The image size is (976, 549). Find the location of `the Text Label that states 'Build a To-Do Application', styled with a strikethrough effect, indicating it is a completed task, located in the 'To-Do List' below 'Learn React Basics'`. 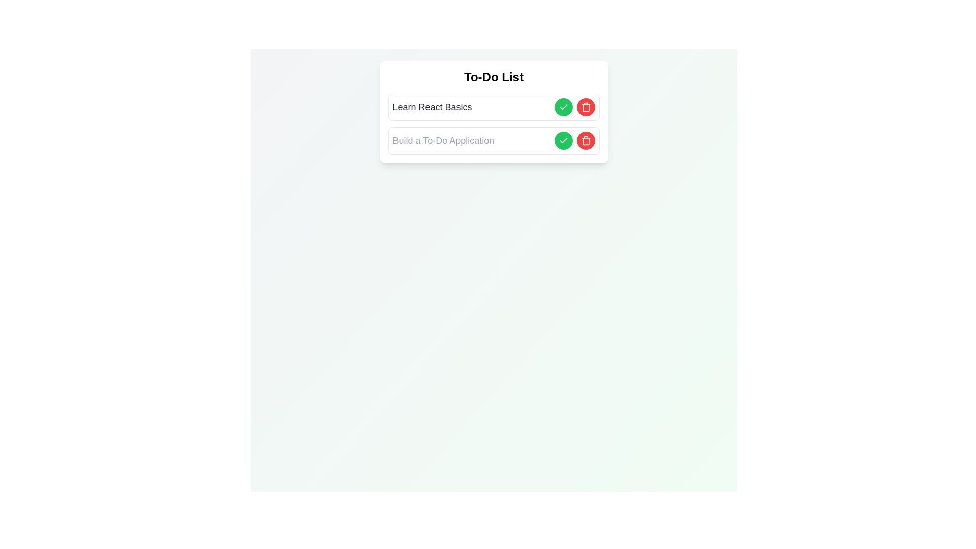

the Text Label that states 'Build a To-Do Application', styled with a strikethrough effect, indicating it is a completed task, located in the 'To-Do List' below 'Learn React Basics' is located at coordinates (443, 141).